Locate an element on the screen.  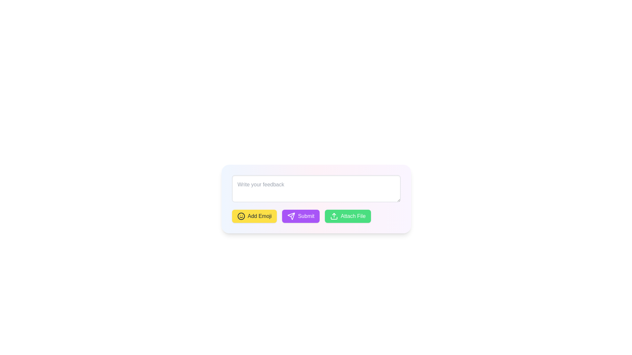
the horizontal line at the bottom of the upload icon, located to the right of the 'Attach File' button is located at coordinates (334, 218).